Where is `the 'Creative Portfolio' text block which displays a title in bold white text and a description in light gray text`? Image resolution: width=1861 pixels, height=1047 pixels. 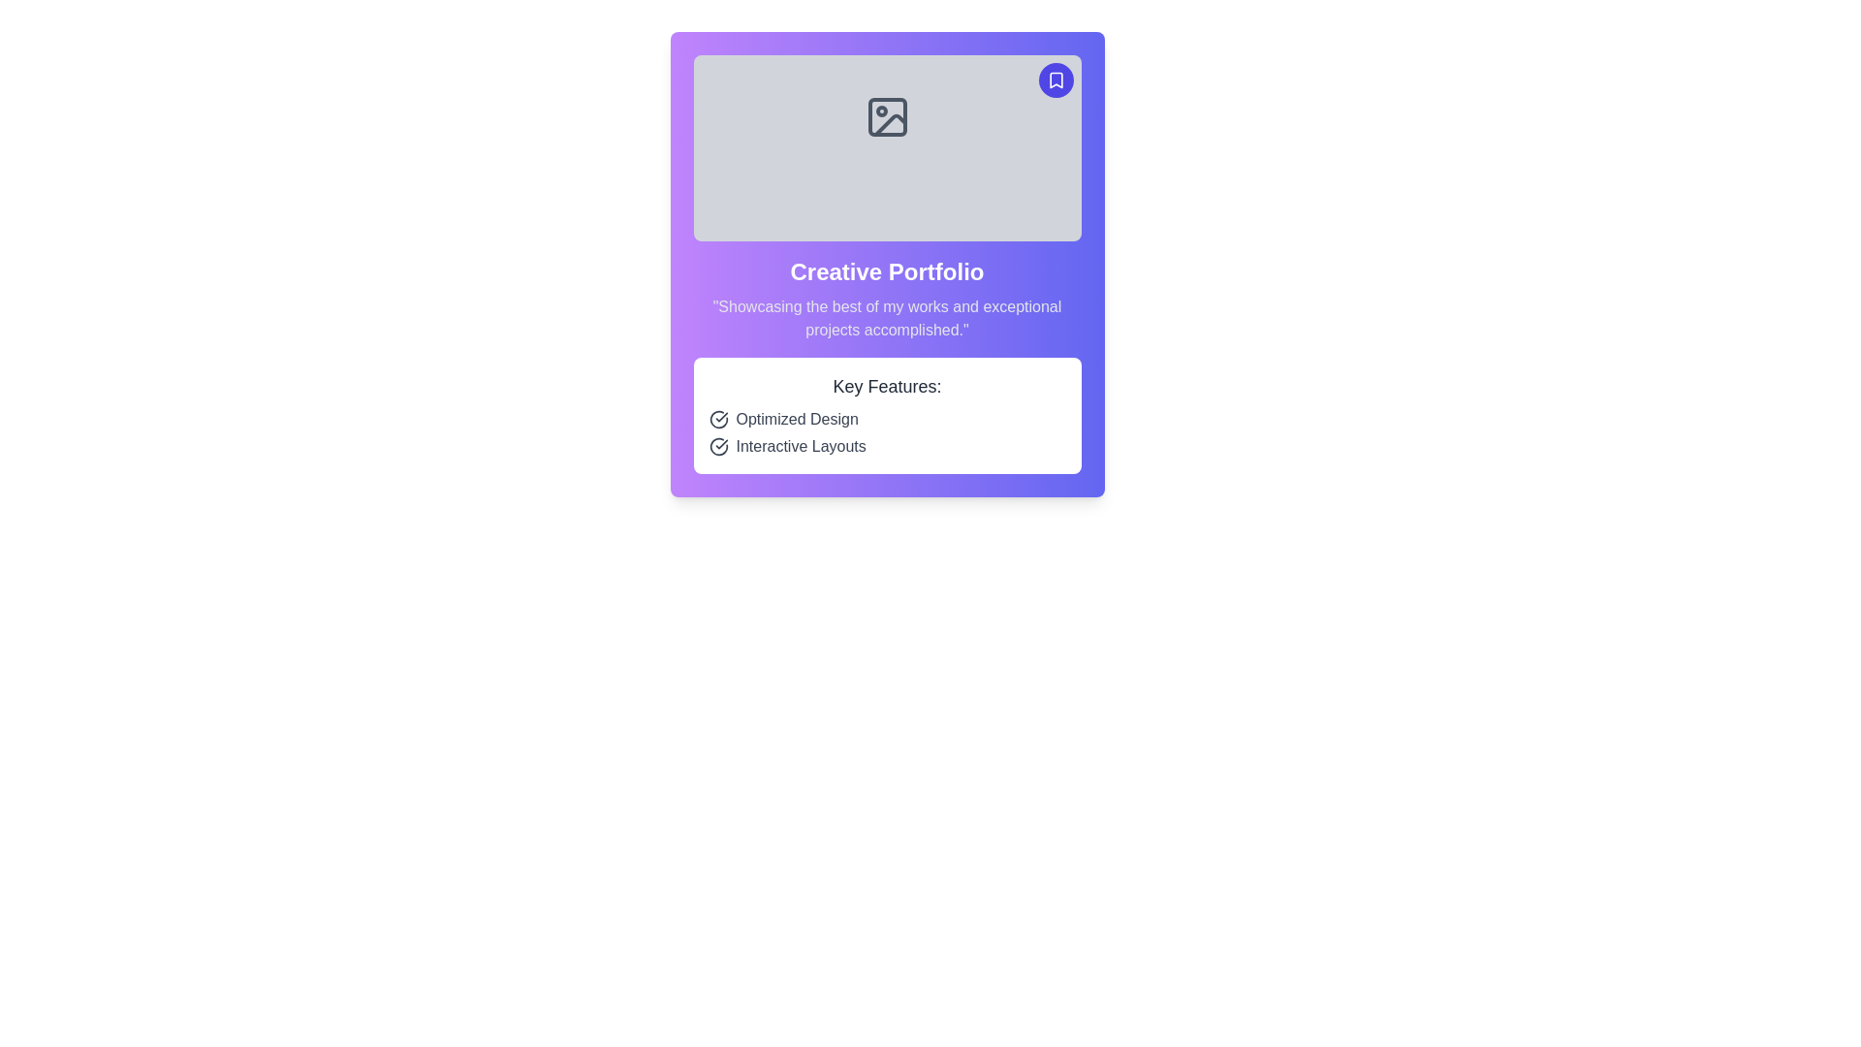
the 'Creative Portfolio' text block which displays a title in bold white text and a description in light gray text is located at coordinates (886, 299).